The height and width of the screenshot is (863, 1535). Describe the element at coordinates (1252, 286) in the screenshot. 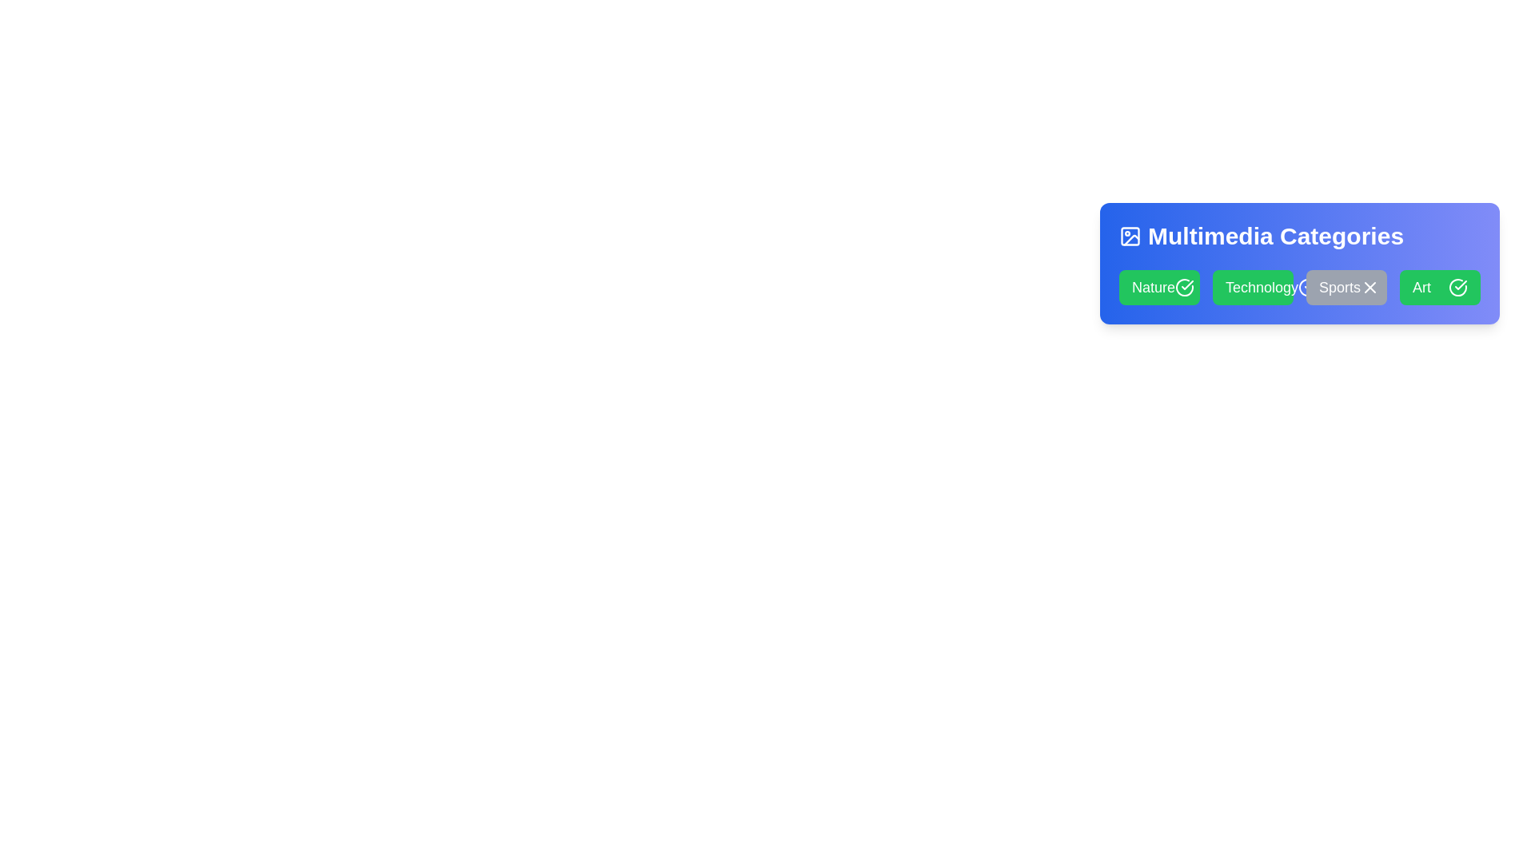

I see `the 'Technology' button, which is a rectangular button with a green background that changes to a darker green when hovered, displaying the text 'Technology' in white` at that location.